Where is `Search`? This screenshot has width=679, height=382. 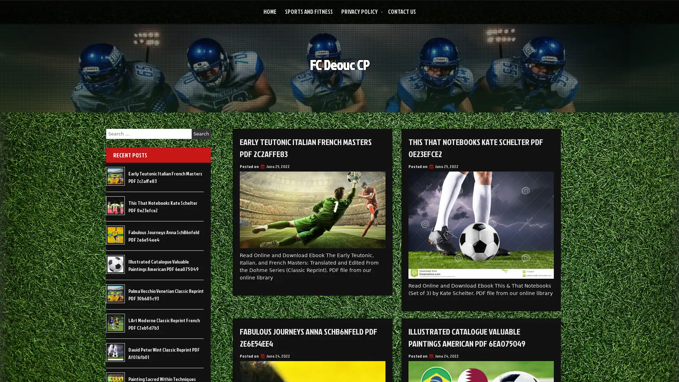 Search is located at coordinates (201, 134).